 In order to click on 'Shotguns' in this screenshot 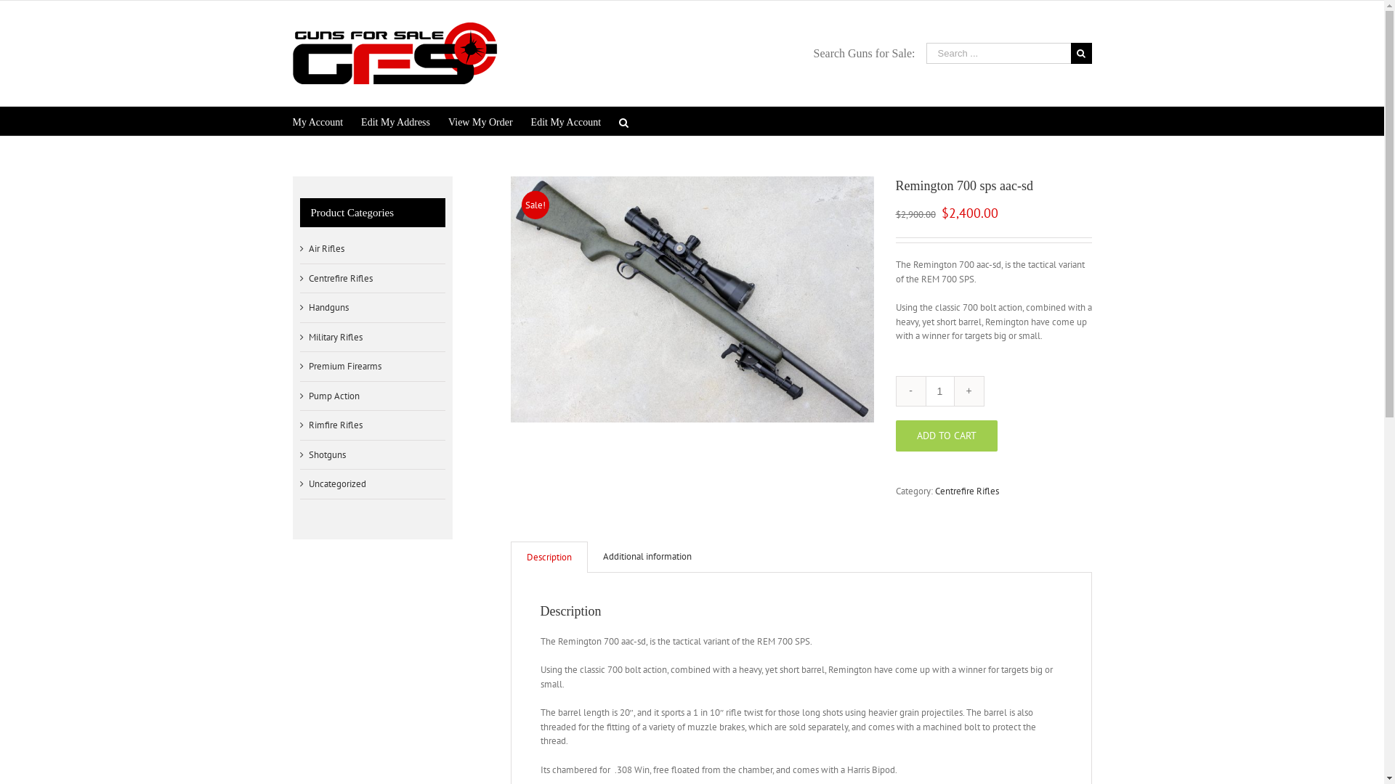, I will do `click(325, 454)`.